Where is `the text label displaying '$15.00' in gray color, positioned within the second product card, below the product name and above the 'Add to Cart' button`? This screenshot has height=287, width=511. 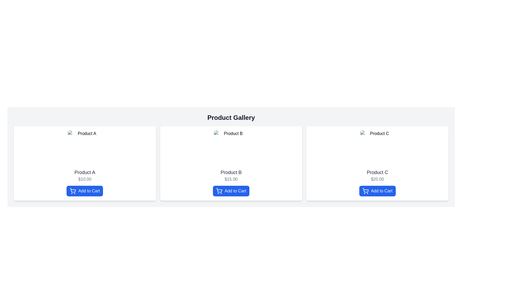 the text label displaying '$15.00' in gray color, positioned within the second product card, below the product name and above the 'Add to Cart' button is located at coordinates (231, 179).